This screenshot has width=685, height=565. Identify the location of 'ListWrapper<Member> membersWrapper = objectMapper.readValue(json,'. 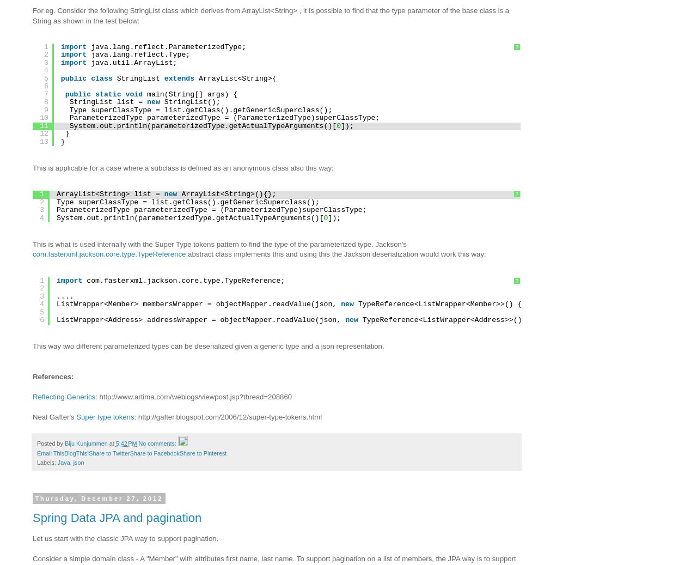
(198, 304).